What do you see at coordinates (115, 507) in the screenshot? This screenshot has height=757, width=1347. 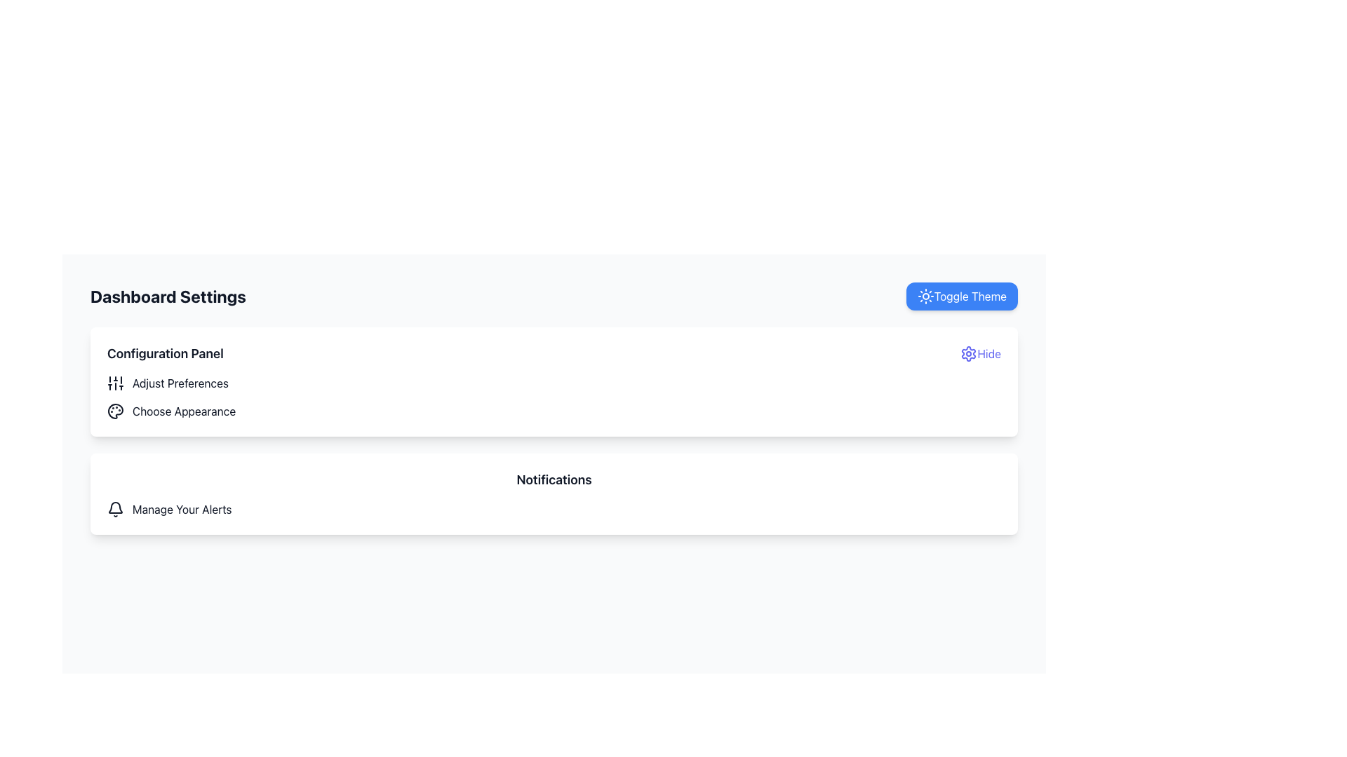 I see `the bottom section of the bell icon located near the top-right corner of the interface` at bounding box center [115, 507].